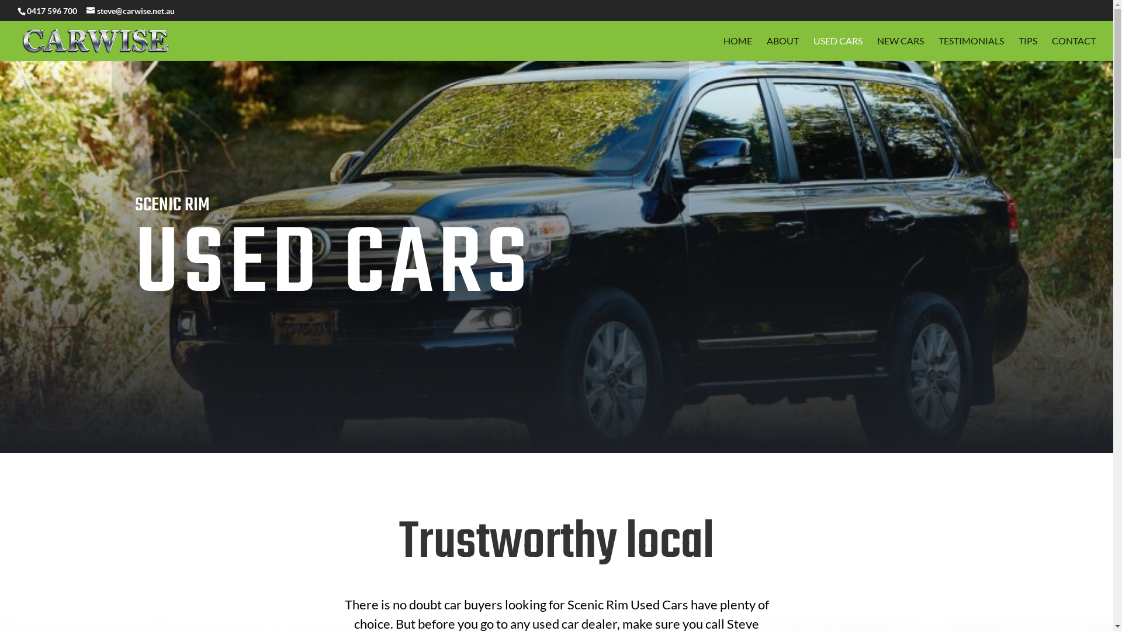 The height and width of the screenshot is (631, 1122). What do you see at coordinates (723, 48) in the screenshot?
I see `'HOME'` at bounding box center [723, 48].